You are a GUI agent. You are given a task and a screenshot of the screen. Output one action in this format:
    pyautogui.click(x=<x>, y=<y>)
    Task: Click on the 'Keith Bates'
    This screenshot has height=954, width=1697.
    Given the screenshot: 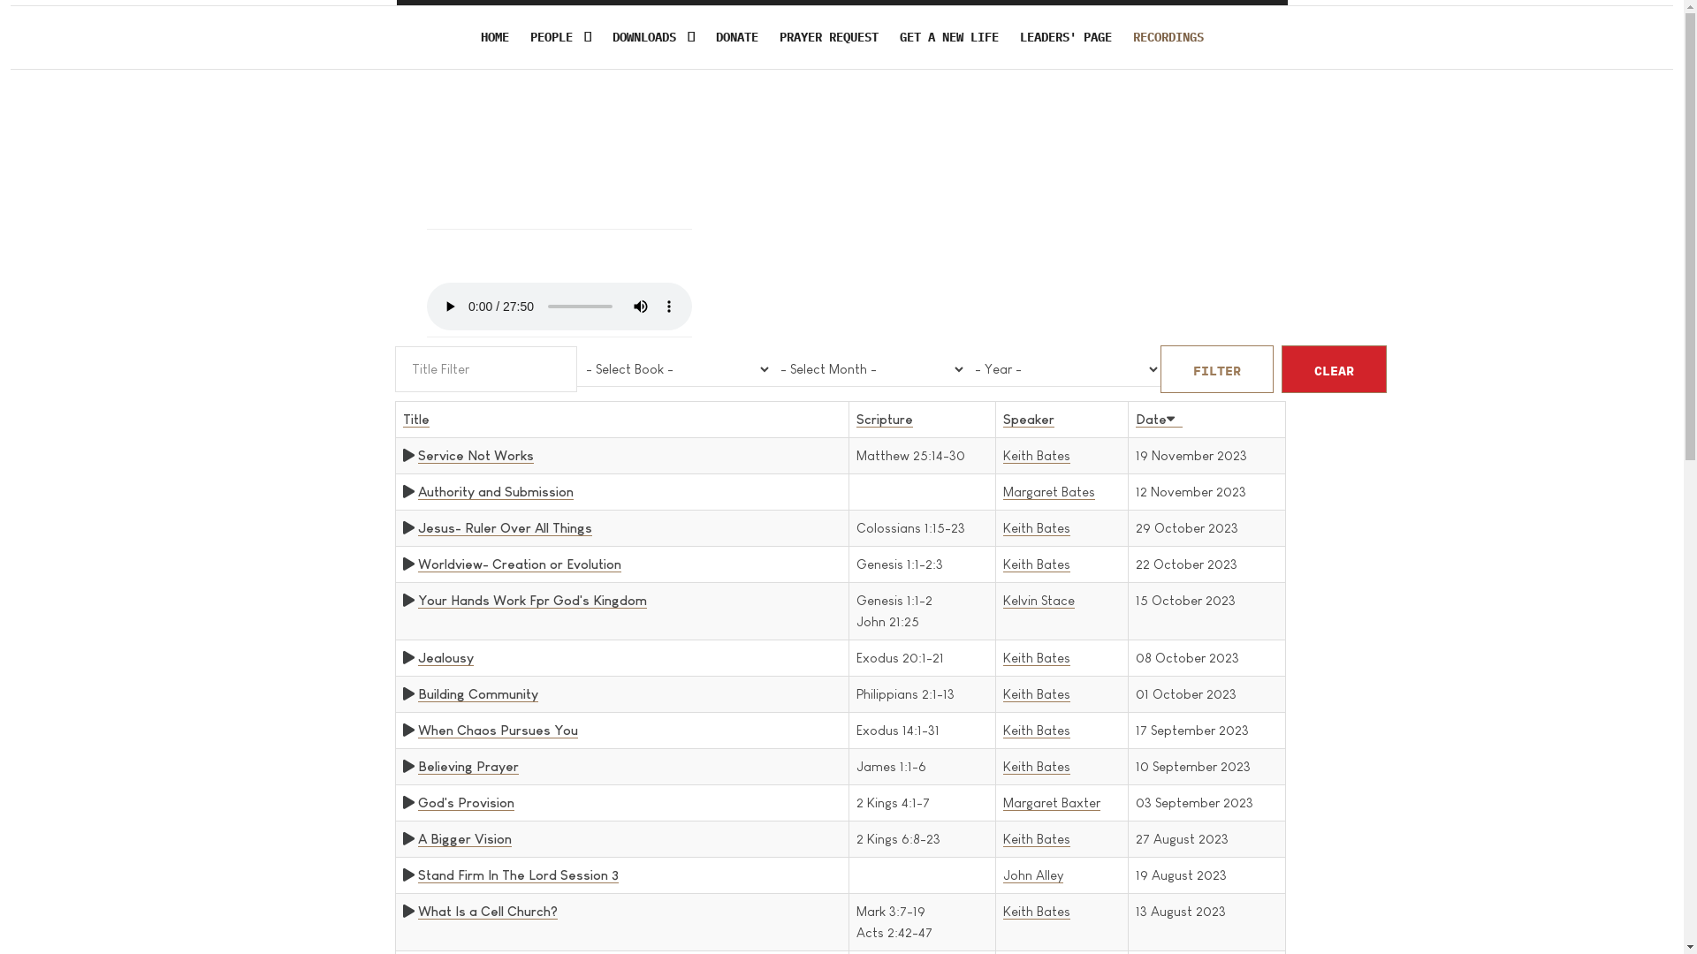 What is the action you would take?
    pyautogui.click(x=1036, y=657)
    